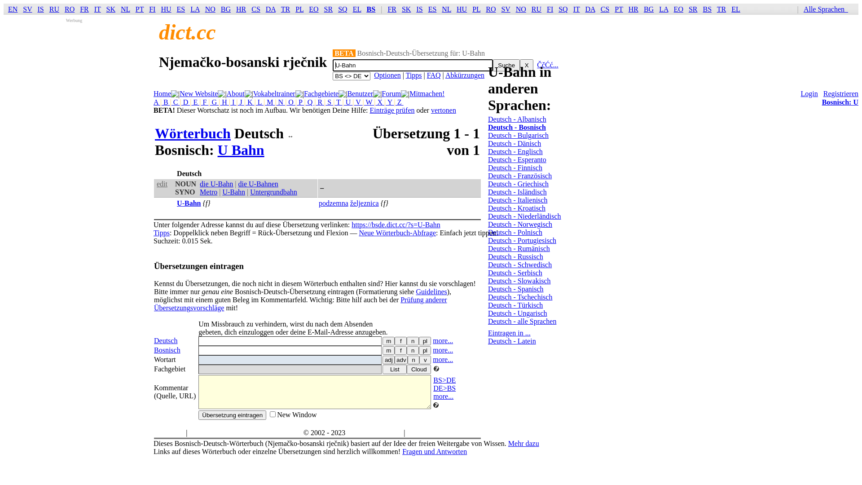 The width and height of the screenshot is (862, 485). Describe the element at coordinates (195, 101) in the screenshot. I see `'E'` at that location.